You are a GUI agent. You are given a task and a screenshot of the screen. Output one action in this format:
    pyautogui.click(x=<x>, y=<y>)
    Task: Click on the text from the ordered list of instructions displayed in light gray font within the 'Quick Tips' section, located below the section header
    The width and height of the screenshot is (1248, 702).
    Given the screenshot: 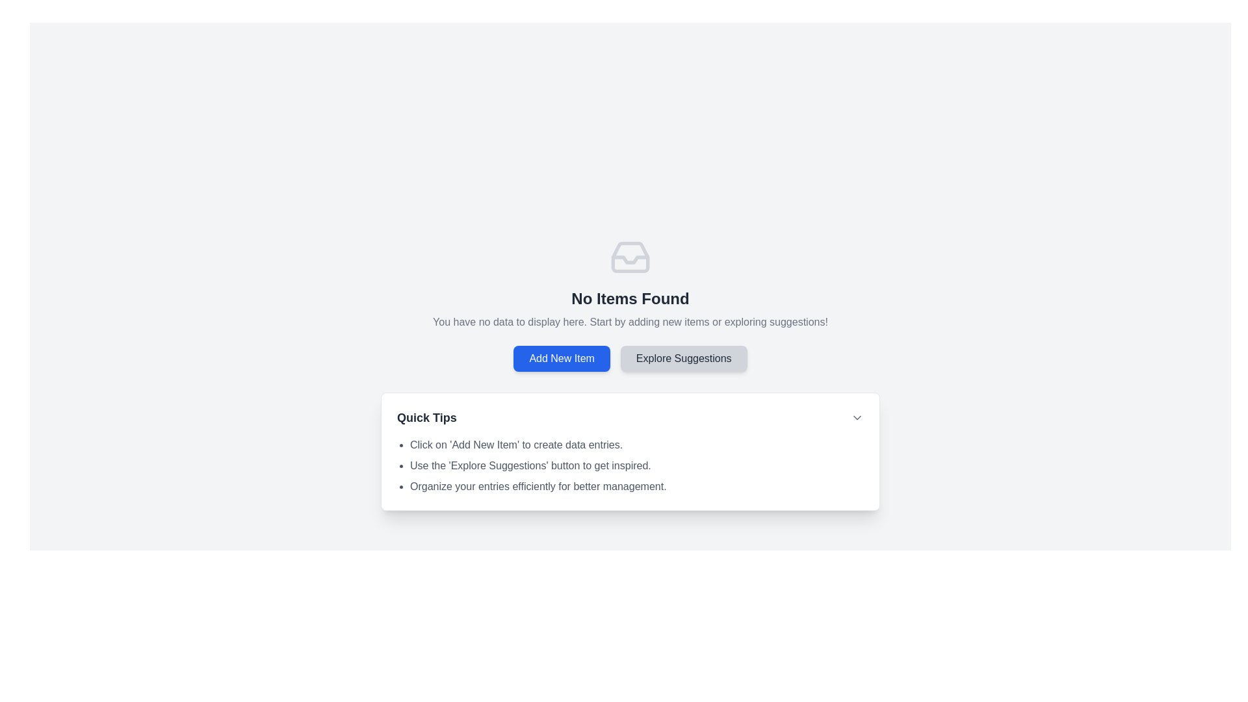 What is the action you would take?
    pyautogui.click(x=630, y=465)
    